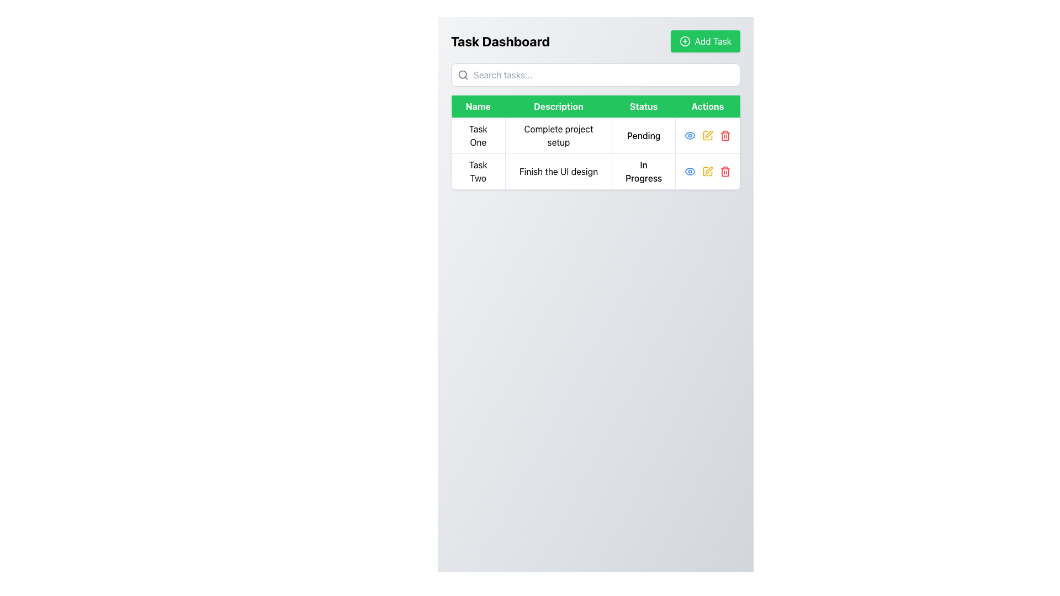  Describe the element at coordinates (463, 74) in the screenshot. I see `the search icon resembling a magnifying glass, located on the left side of the search input field below the 'Task Dashboard' heading` at that location.